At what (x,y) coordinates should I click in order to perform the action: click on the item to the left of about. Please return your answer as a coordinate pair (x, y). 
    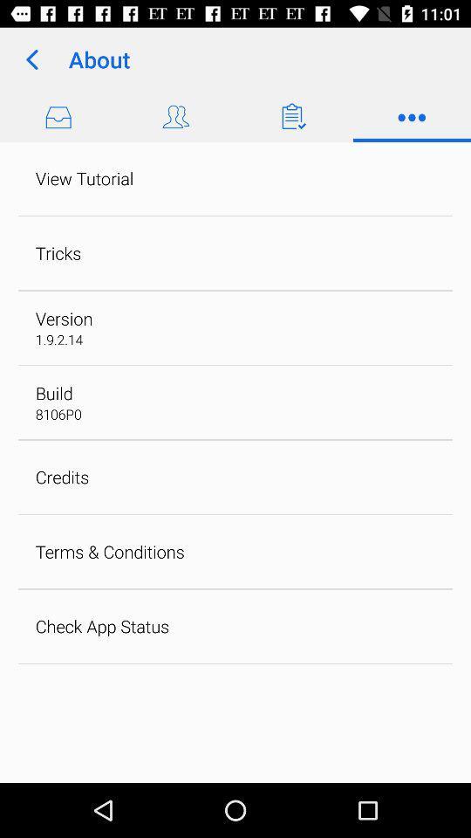
    Looking at the image, I should click on (31, 59).